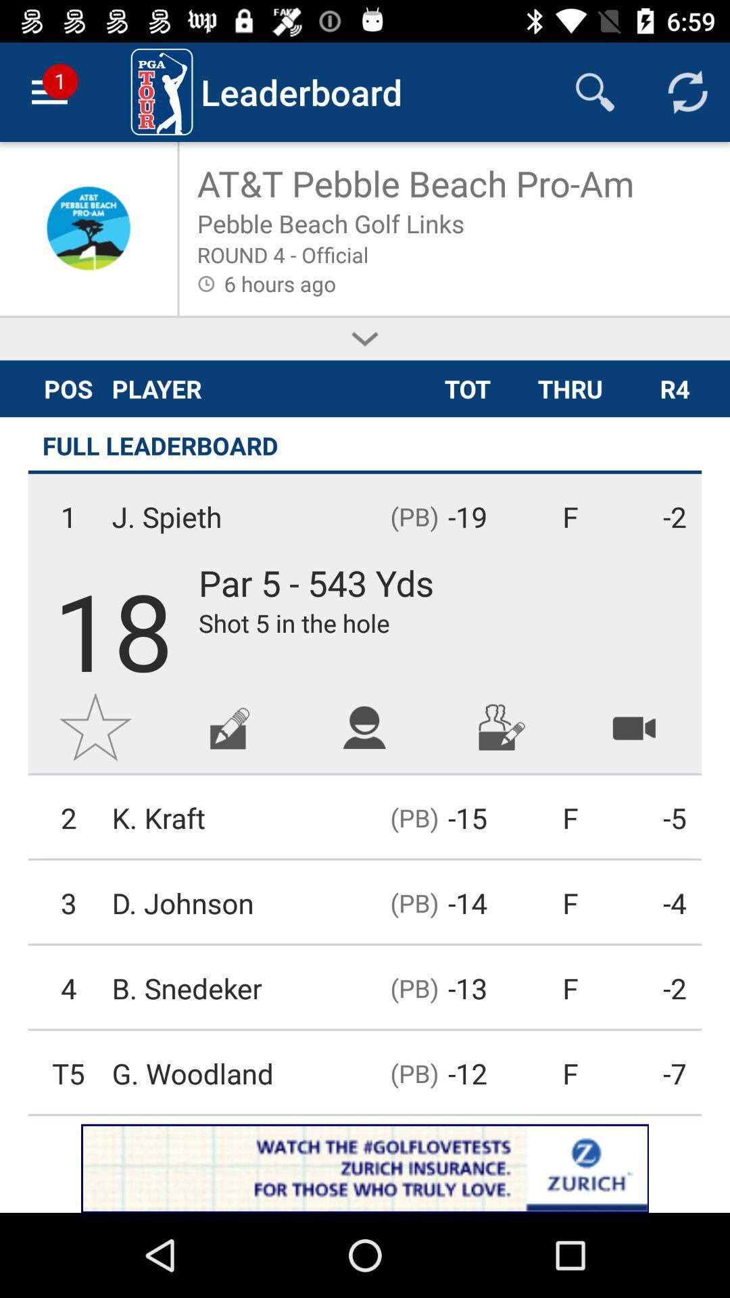 The image size is (730, 1298). Describe the element at coordinates (365, 339) in the screenshot. I see `expands description` at that location.